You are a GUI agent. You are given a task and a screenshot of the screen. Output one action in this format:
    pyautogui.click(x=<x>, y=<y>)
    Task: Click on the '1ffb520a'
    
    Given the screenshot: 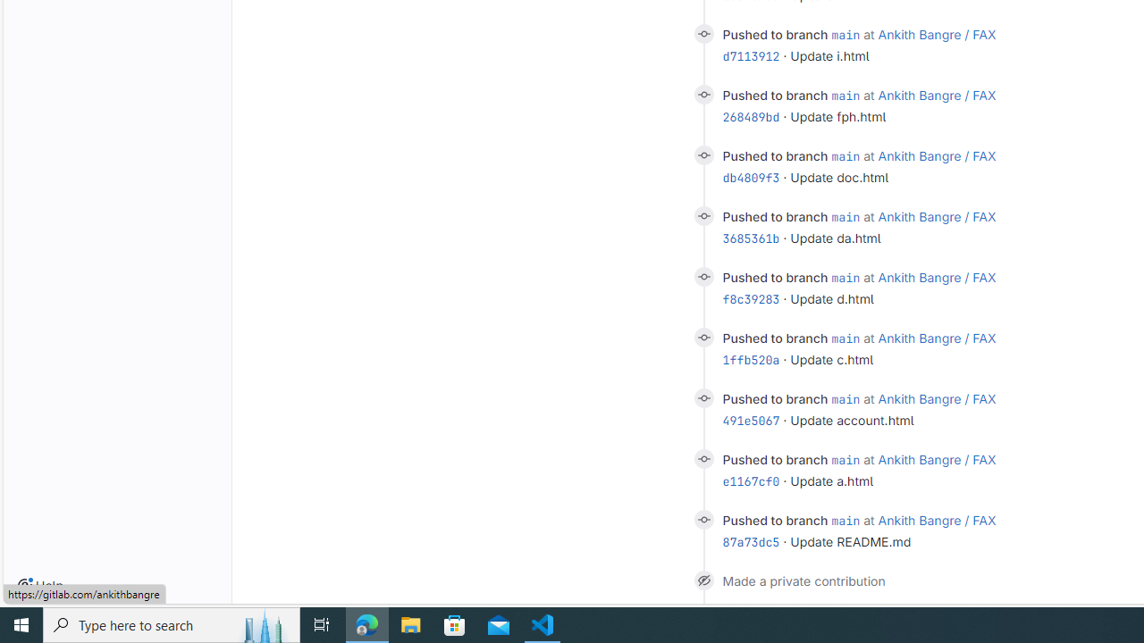 What is the action you would take?
    pyautogui.click(x=751, y=359)
    